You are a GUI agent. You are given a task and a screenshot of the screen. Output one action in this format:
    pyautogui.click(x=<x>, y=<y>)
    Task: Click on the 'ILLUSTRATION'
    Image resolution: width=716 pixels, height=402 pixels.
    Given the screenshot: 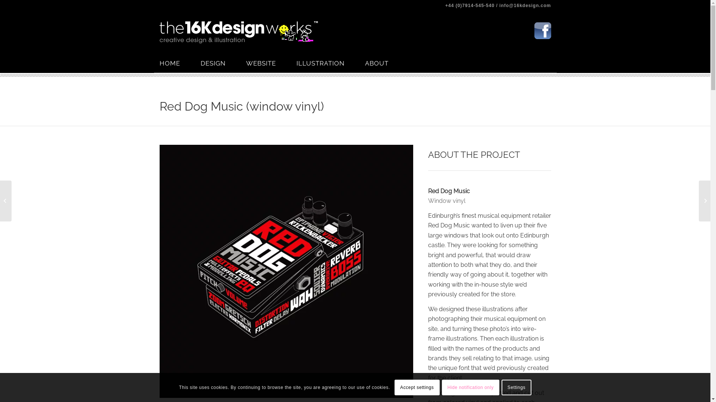 What is the action you would take?
    pyautogui.click(x=330, y=63)
    